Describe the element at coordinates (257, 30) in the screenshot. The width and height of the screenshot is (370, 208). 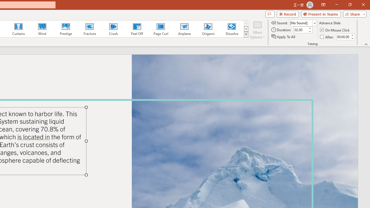
I see `'Effect Options'` at that location.